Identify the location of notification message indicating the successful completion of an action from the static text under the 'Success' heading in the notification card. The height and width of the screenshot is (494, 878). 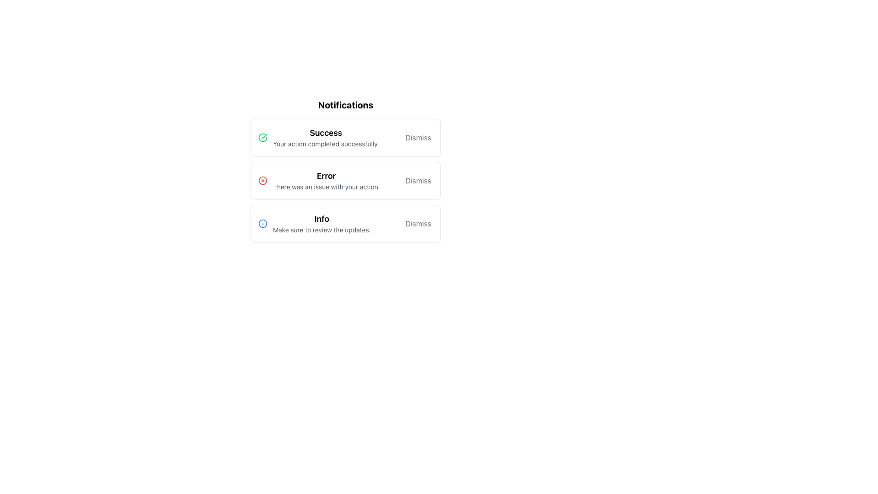
(326, 144).